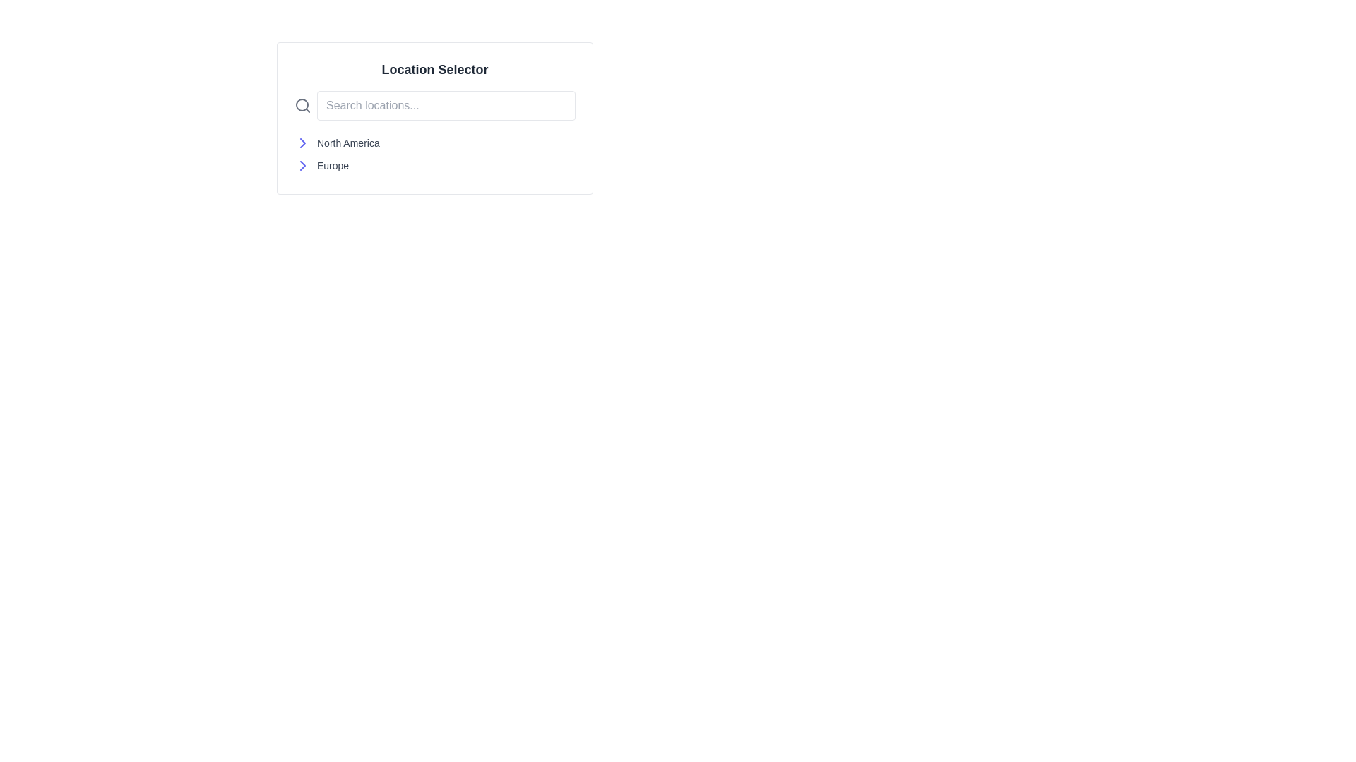 The width and height of the screenshot is (1356, 762). What do you see at coordinates (332, 165) in the screenshot?
I see `the text label displaying 'Europe'` at bounding box center [332, 165].